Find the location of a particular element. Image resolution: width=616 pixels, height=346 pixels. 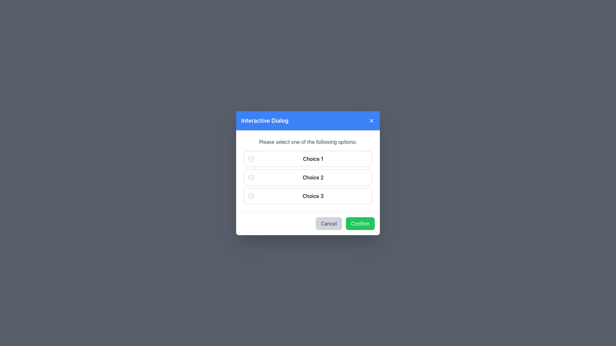

the text label located in the blue header bar at the top of the dialog box, which serves as a title or descriptor is located at coordinates (265, 120).